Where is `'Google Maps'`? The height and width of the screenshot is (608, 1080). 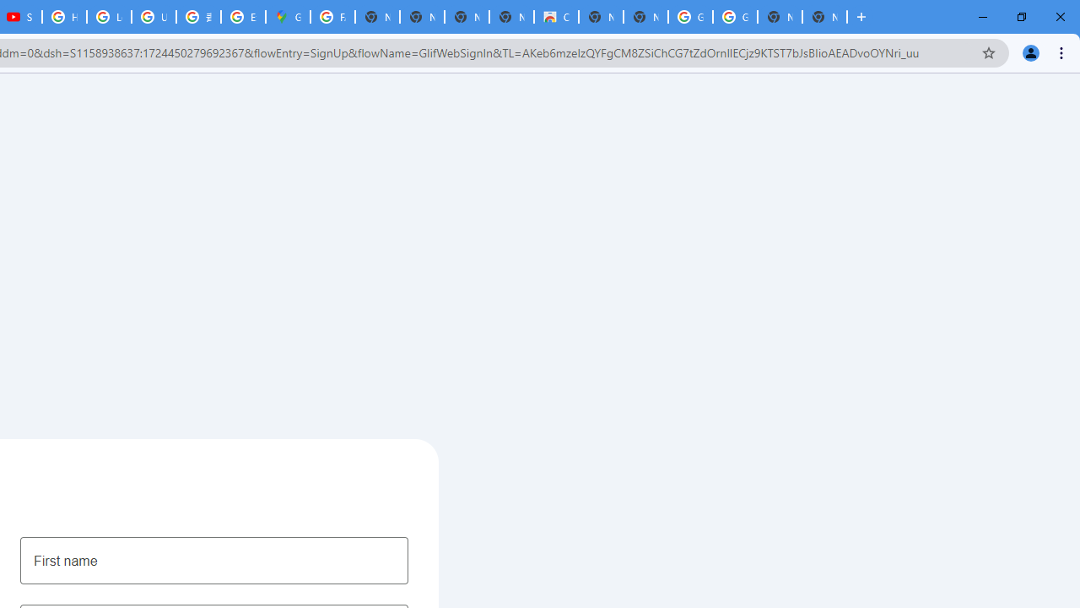
'Google Maps' is located at coordinates (288, 17).